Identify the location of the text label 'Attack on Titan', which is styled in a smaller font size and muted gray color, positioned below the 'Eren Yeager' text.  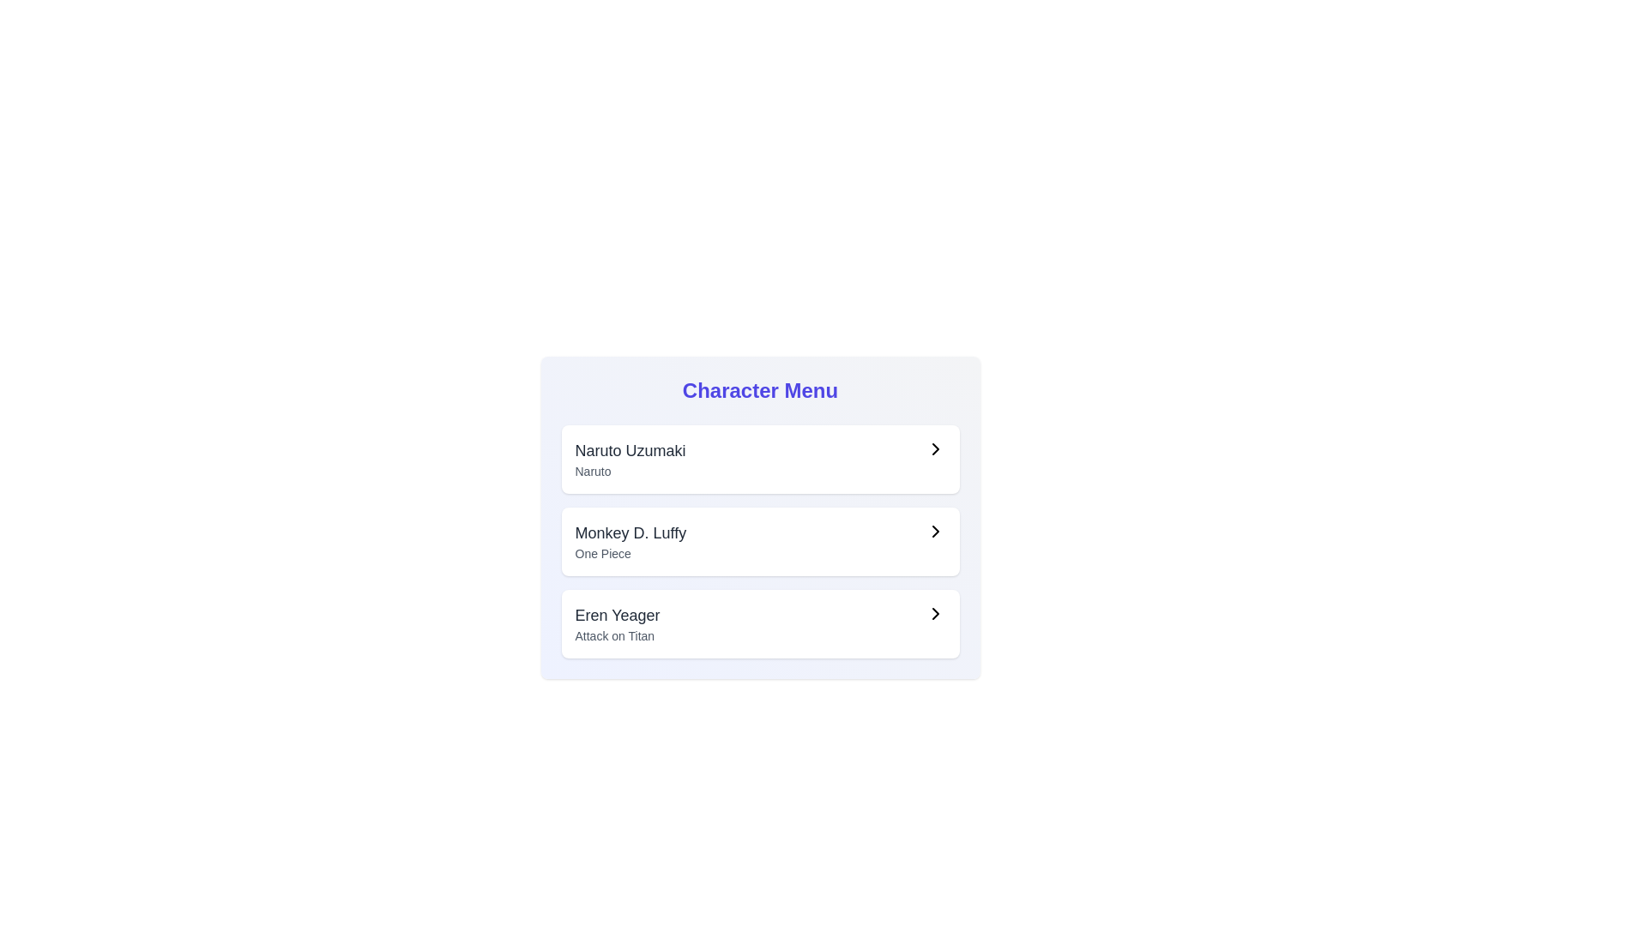
(618, 635).